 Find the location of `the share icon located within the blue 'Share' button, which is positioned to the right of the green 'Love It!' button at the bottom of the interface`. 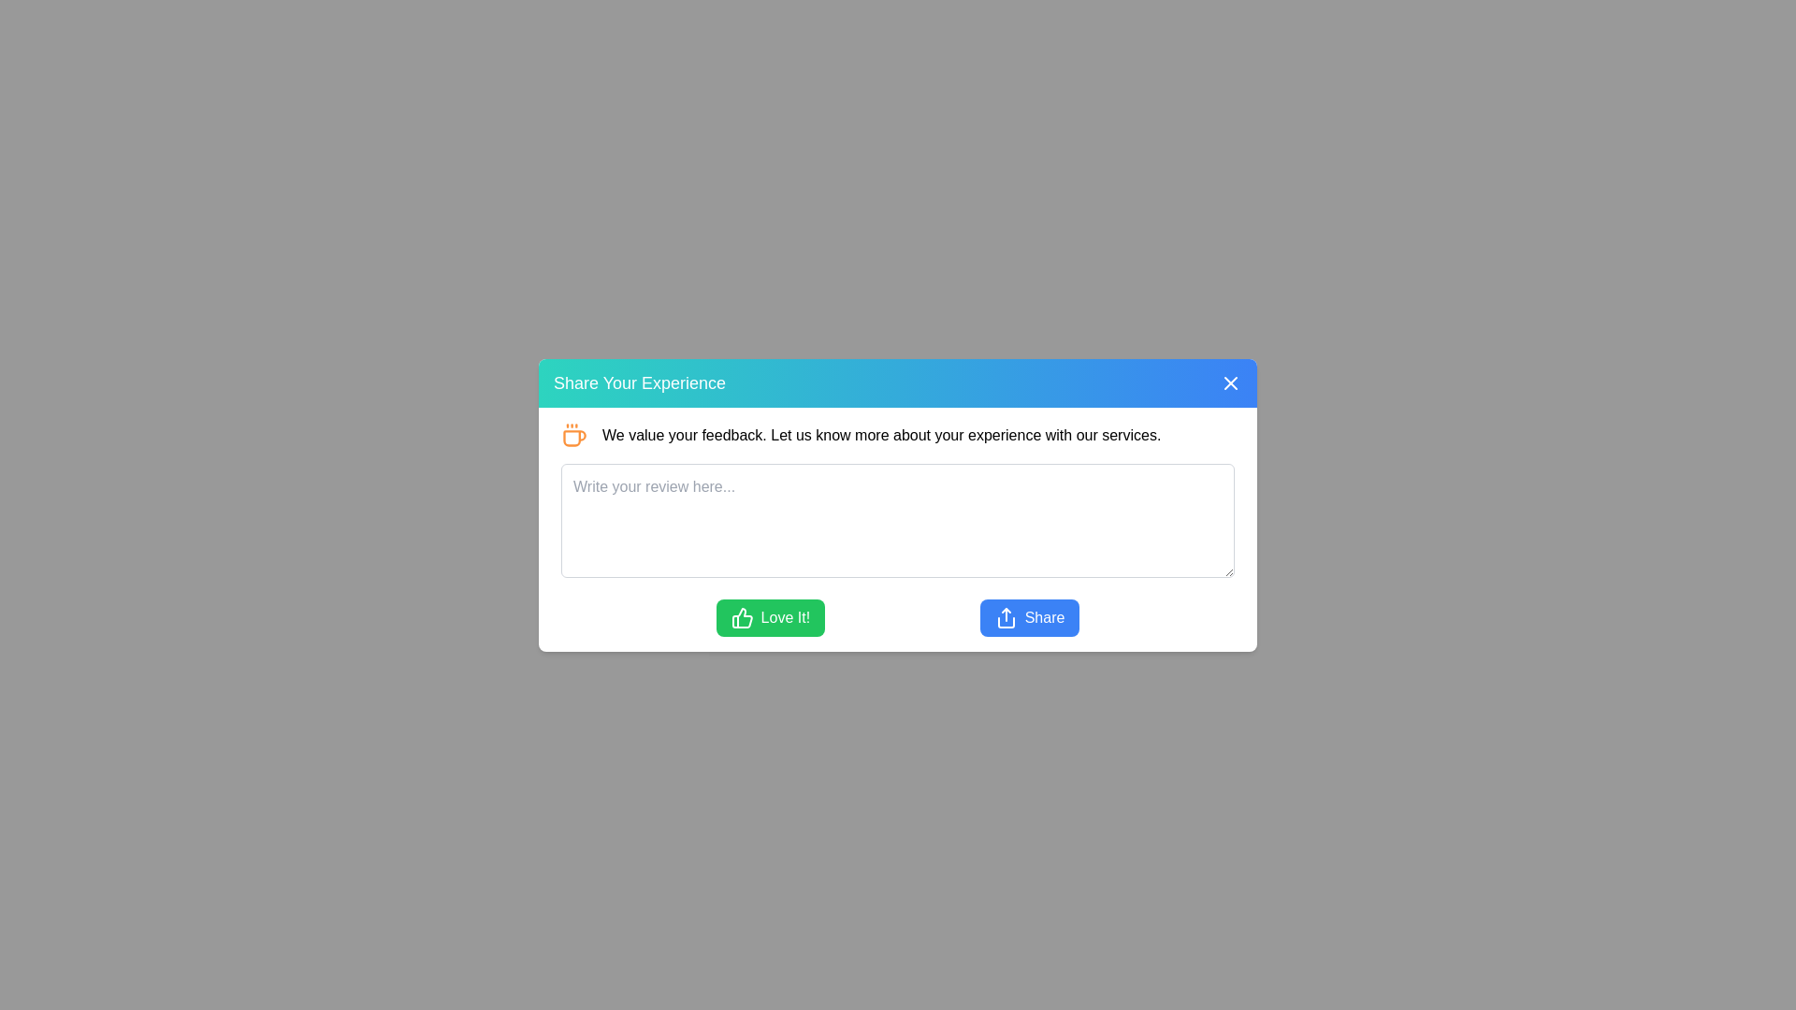

the share icon located within the blue 'Share' button, which is positioned to the right of the green 'Love It!' button at the bottom of the interface is located at coordinates (1005, 617).